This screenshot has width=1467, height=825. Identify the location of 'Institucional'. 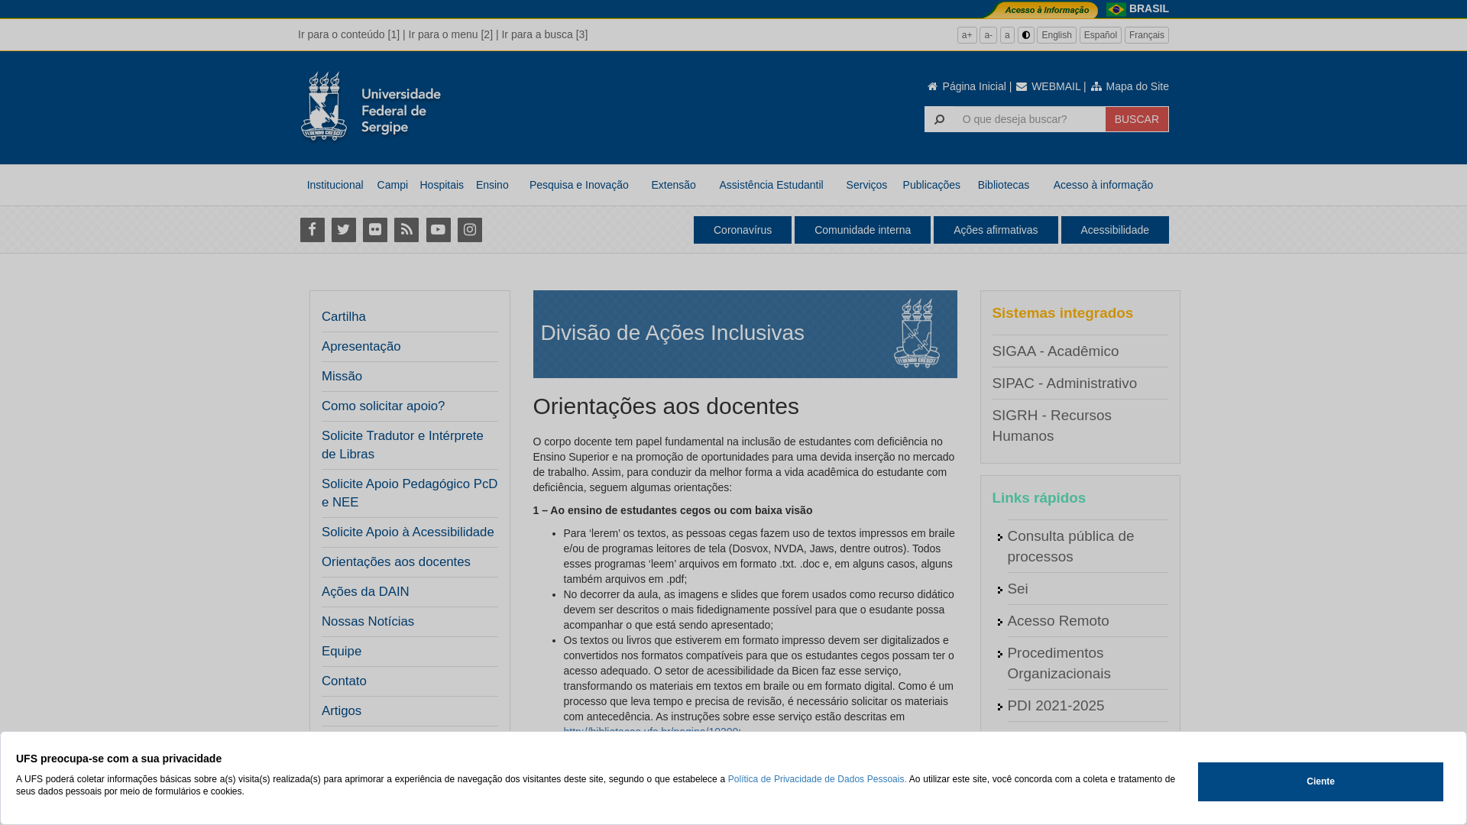
(334, 184).